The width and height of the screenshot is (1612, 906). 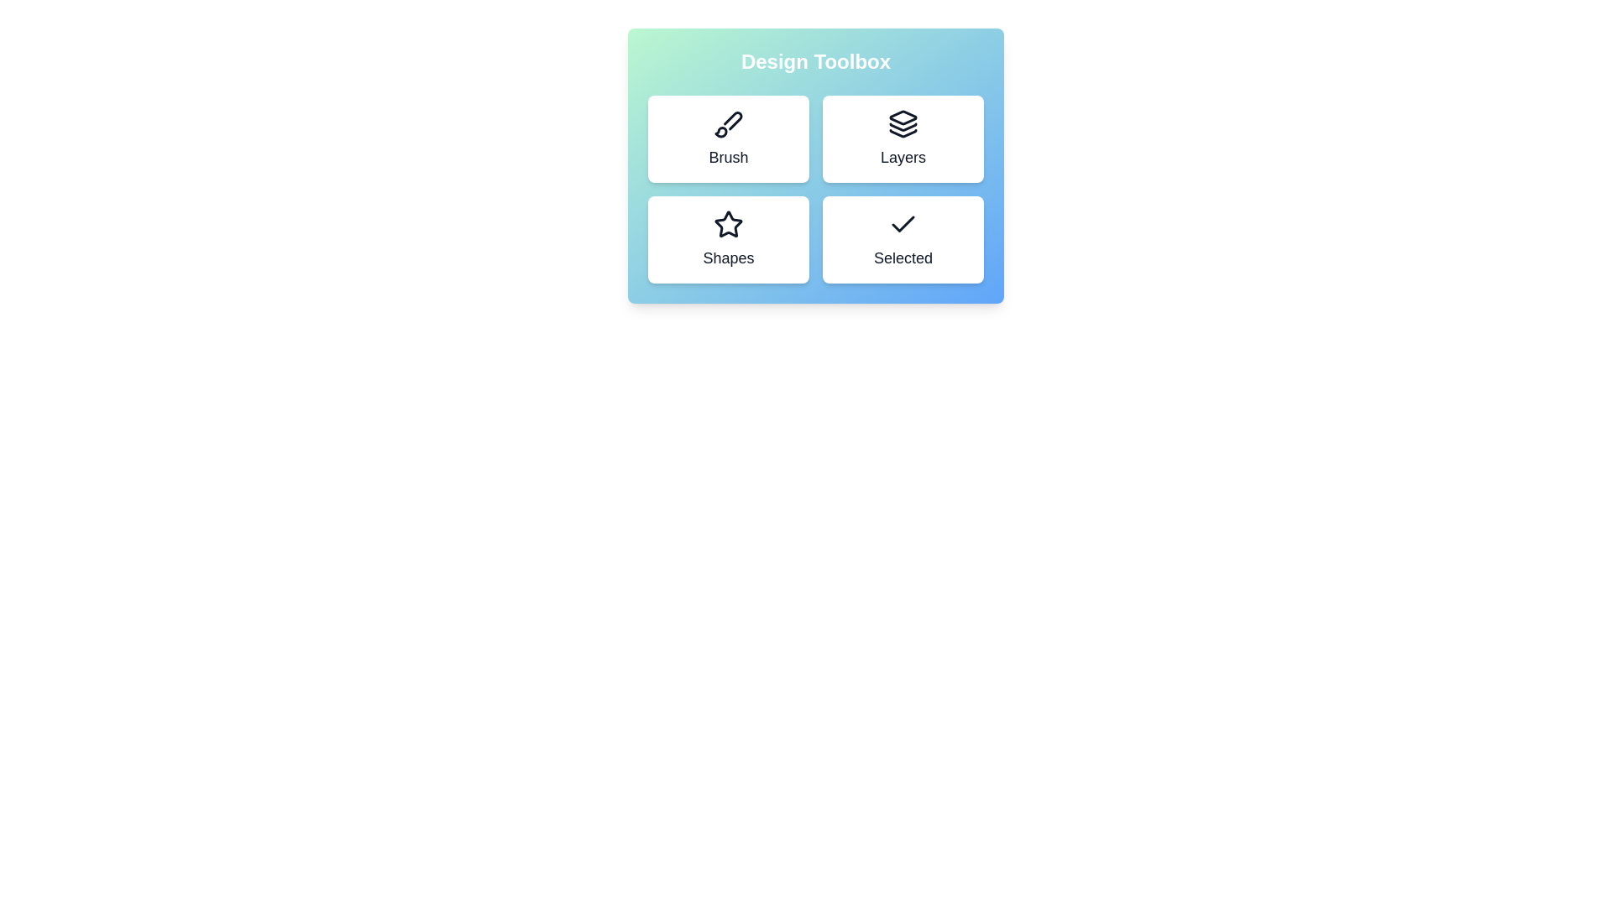 I want to click on the tool Layers to observe hover effects, so click(x=902, y=138).